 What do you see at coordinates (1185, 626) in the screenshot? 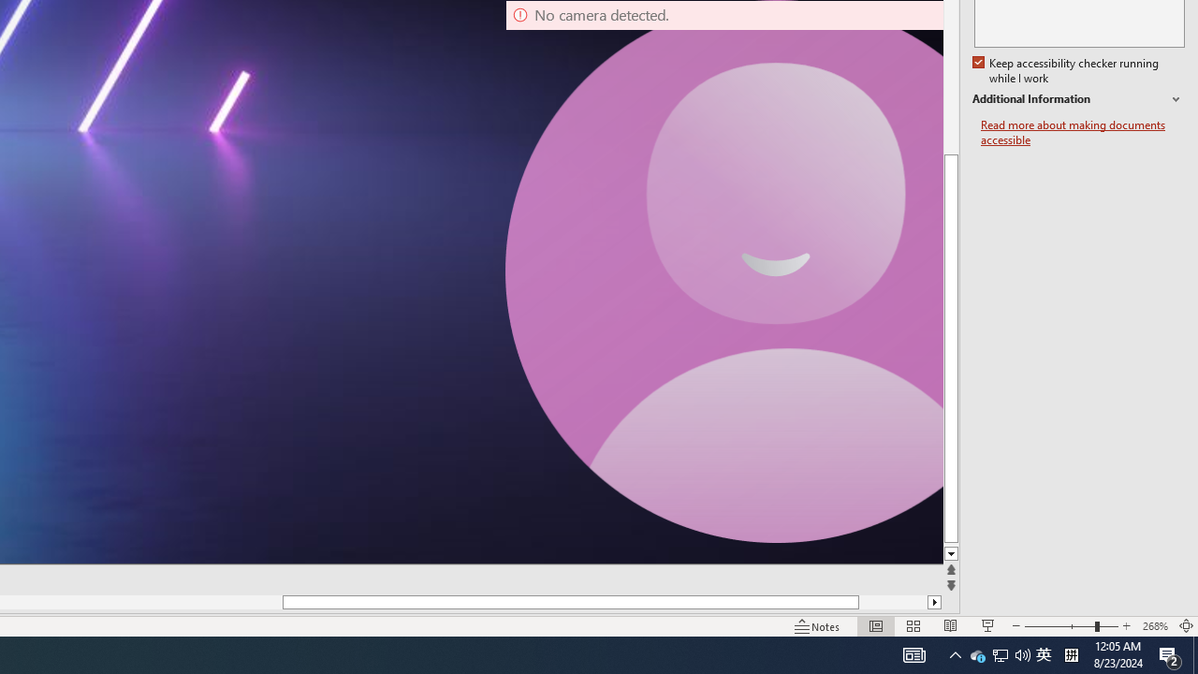
I see `'Zoom to Fit '` at bounding box center [1185, 626].